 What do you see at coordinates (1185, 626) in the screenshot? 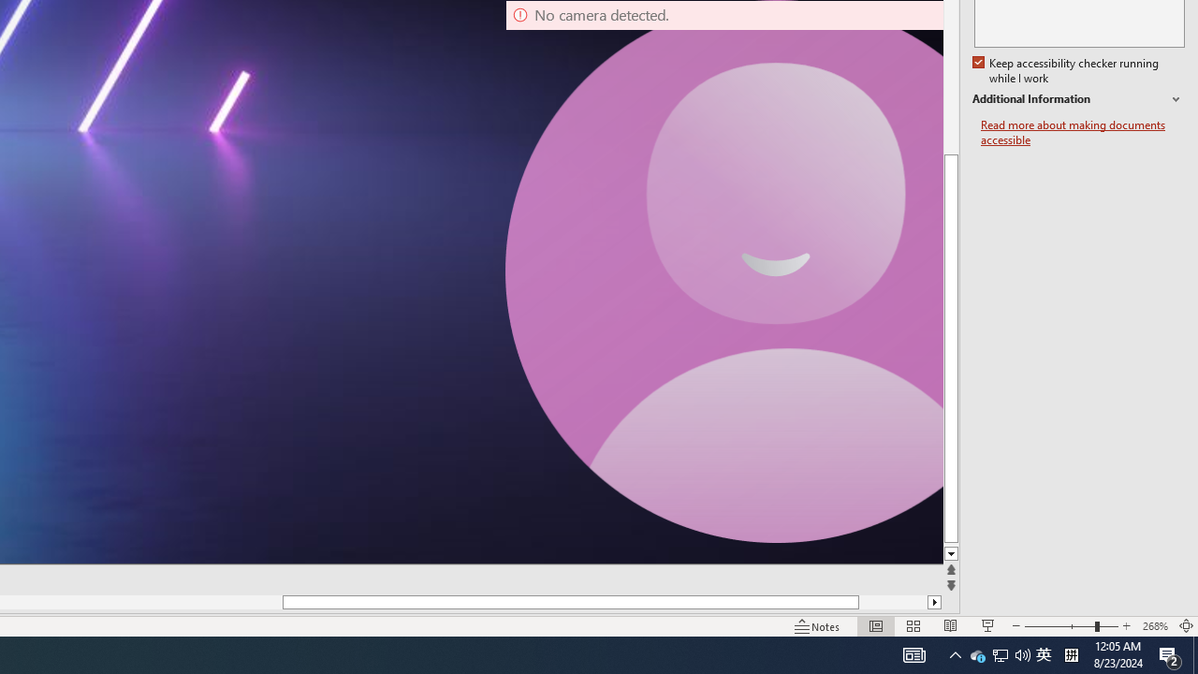
I see `'Zoom to Fit '` at bounding box center [1185, 626].